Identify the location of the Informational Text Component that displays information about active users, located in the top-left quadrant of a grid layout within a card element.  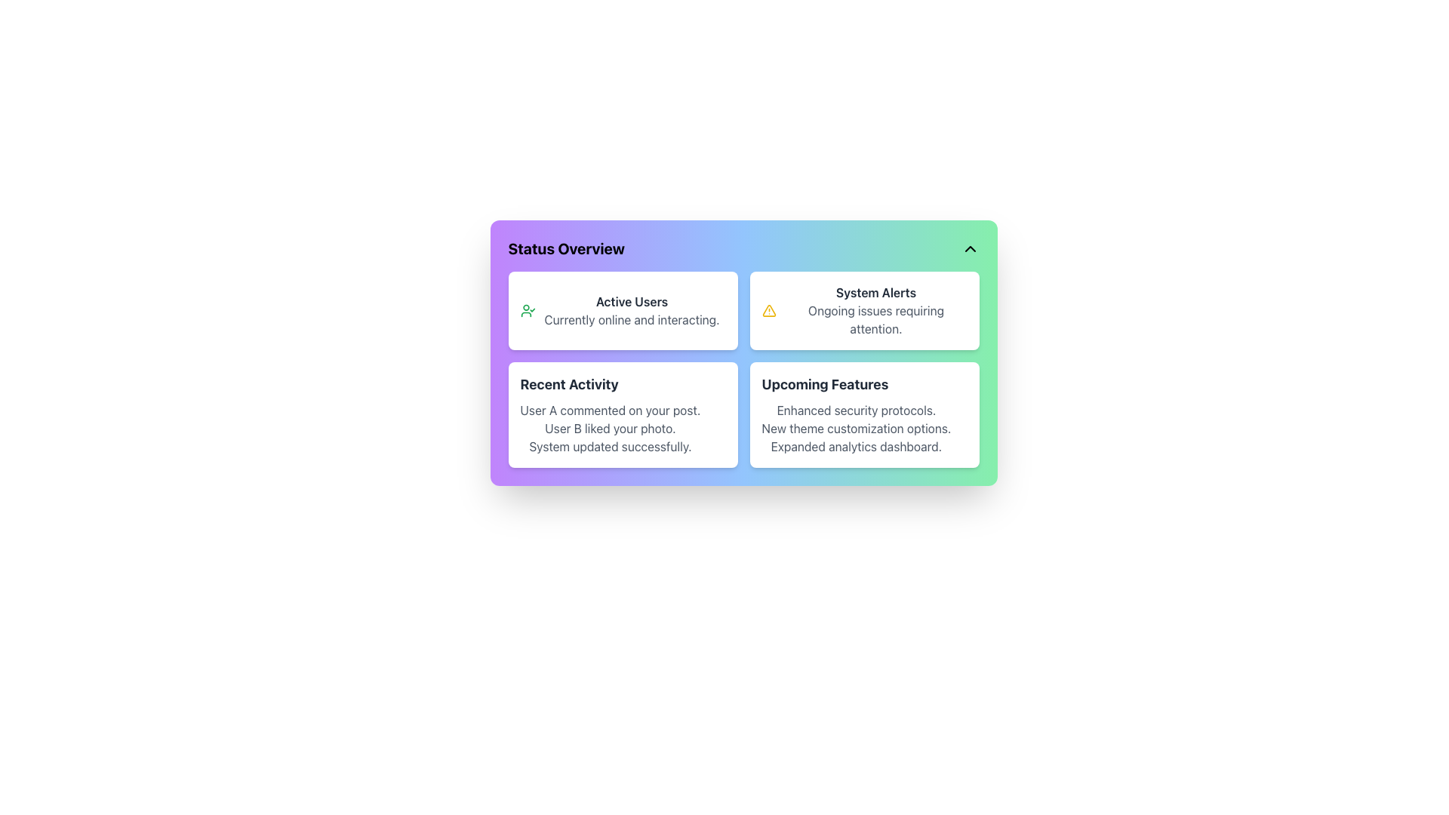
(632, 310).